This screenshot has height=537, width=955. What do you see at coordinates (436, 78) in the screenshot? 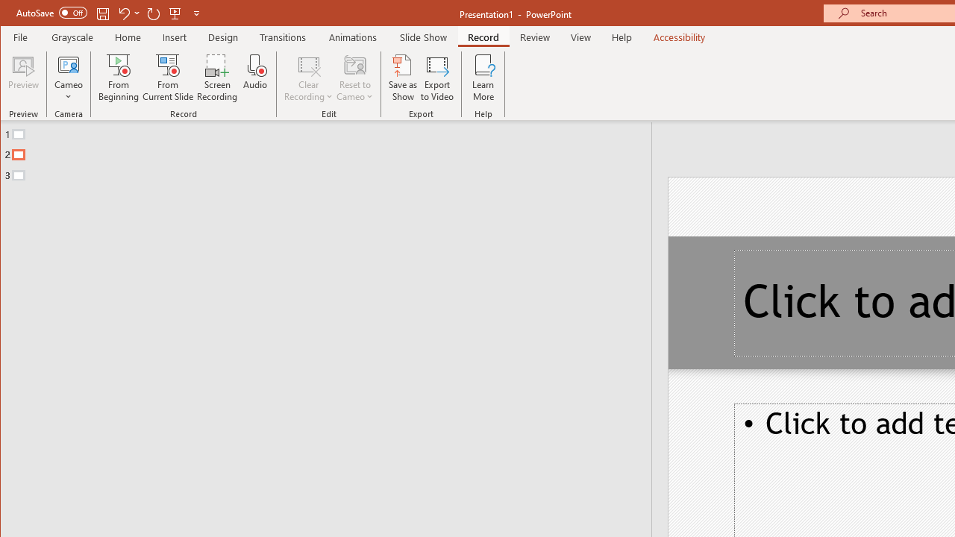
I see `'Export to Video'` at bounding box center [436, 78].